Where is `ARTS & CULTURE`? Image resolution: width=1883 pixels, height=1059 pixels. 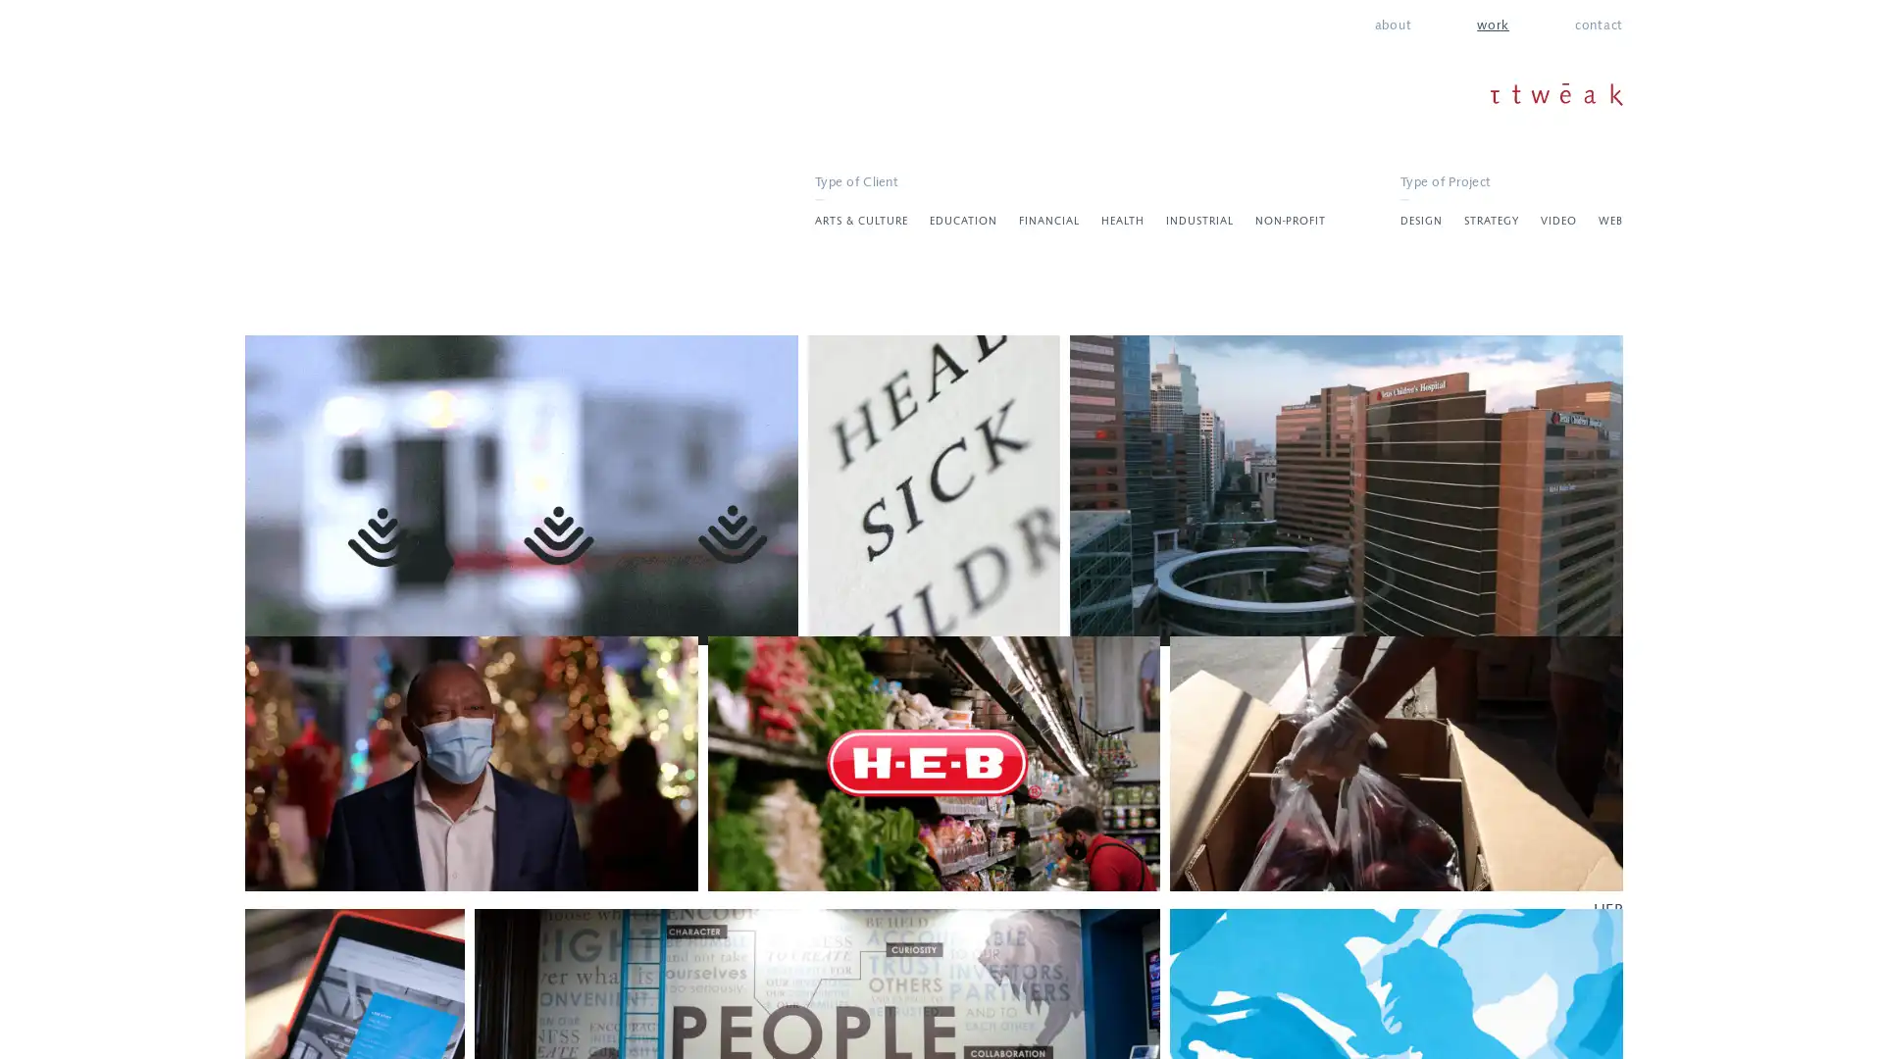 ARTS & CULTURE is located at coordinates (861, 221).